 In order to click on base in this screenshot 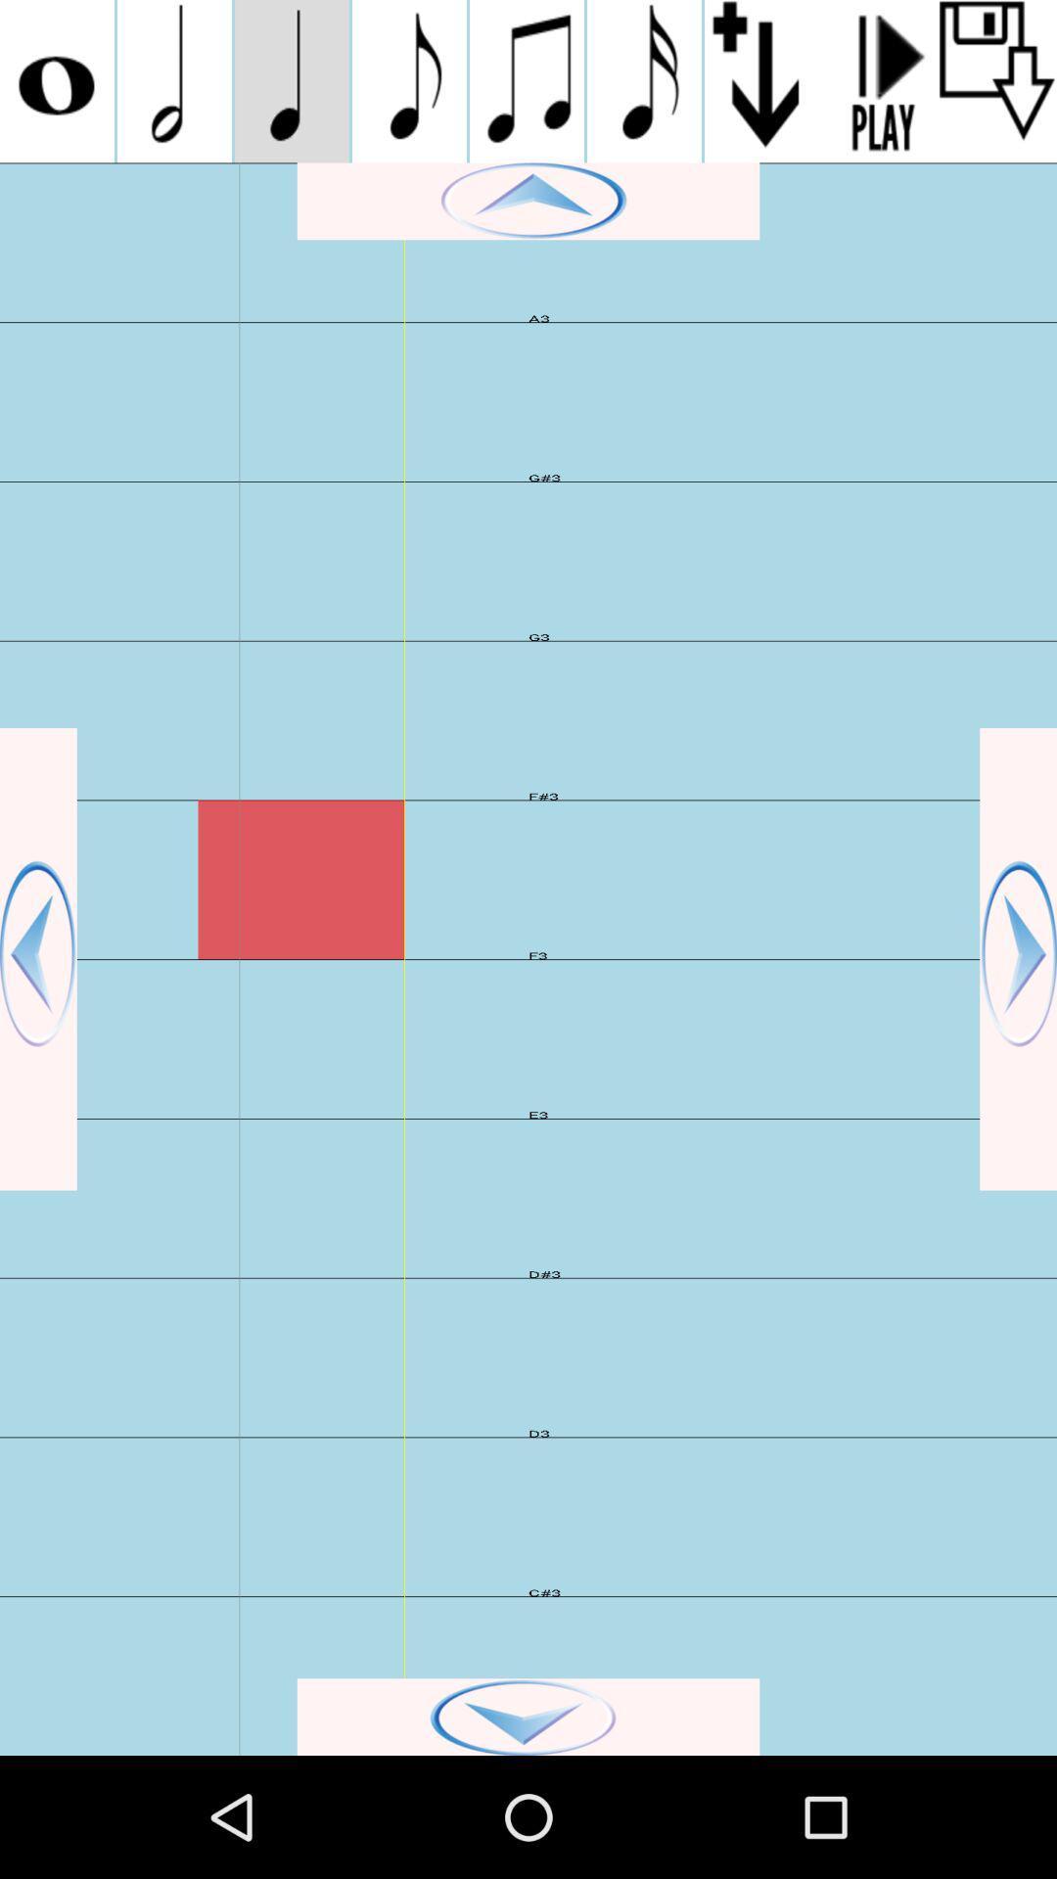, I will do `click(1017, 959)`.